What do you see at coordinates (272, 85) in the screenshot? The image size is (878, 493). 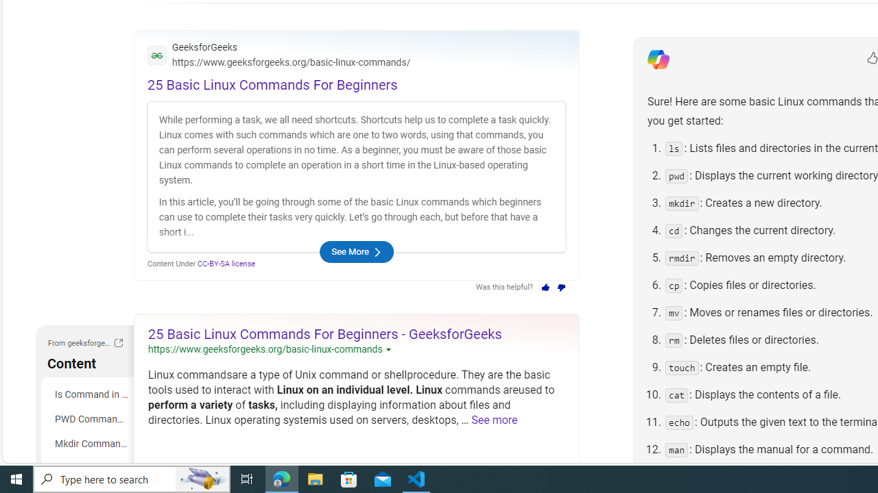 I see `'25 Basic Linux Commands For Beginners'` at bounding box center [272, 85].